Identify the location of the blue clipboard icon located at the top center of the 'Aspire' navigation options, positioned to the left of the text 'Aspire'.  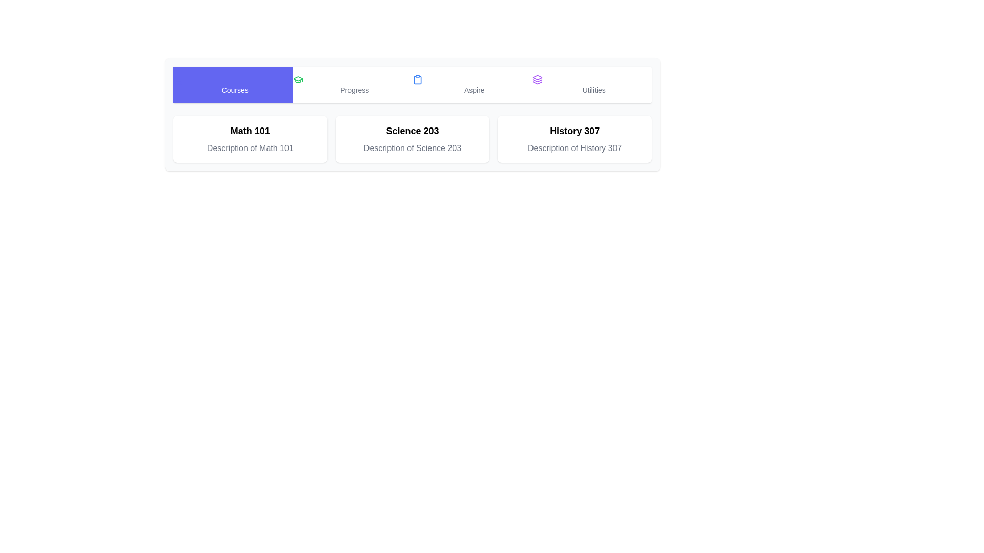
(418, 79).